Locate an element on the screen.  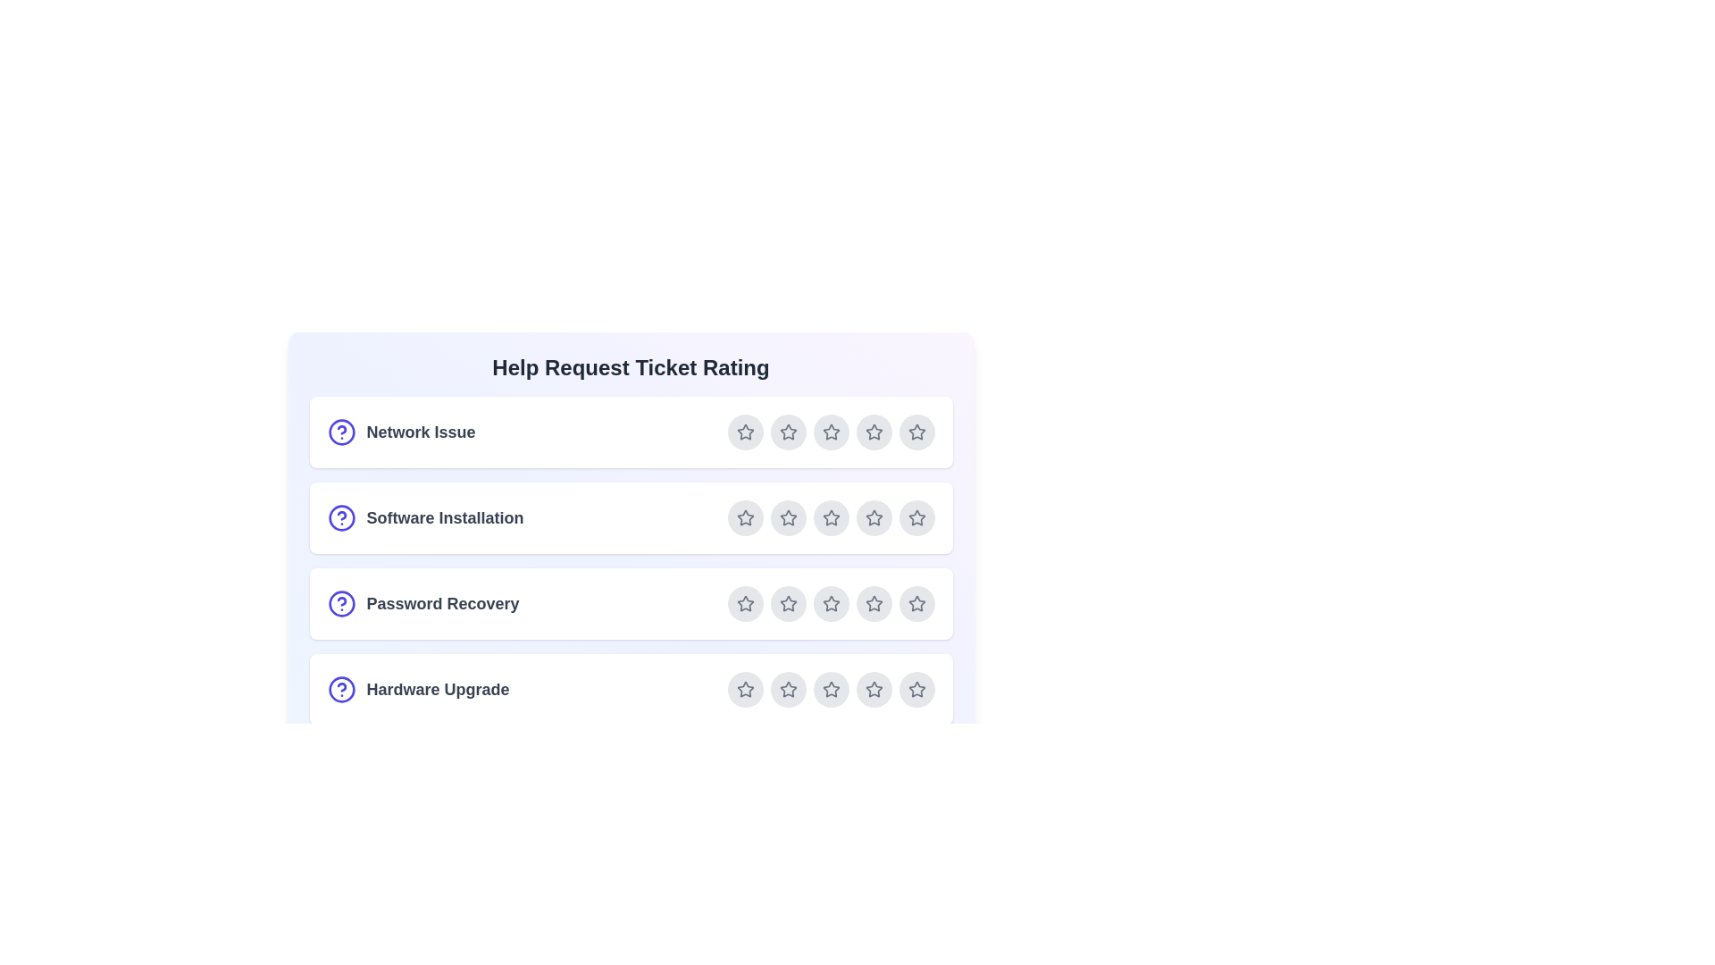
the star corresponding to 2 for the ticket Hardware Upgrade is located at coordinates (787, 688).